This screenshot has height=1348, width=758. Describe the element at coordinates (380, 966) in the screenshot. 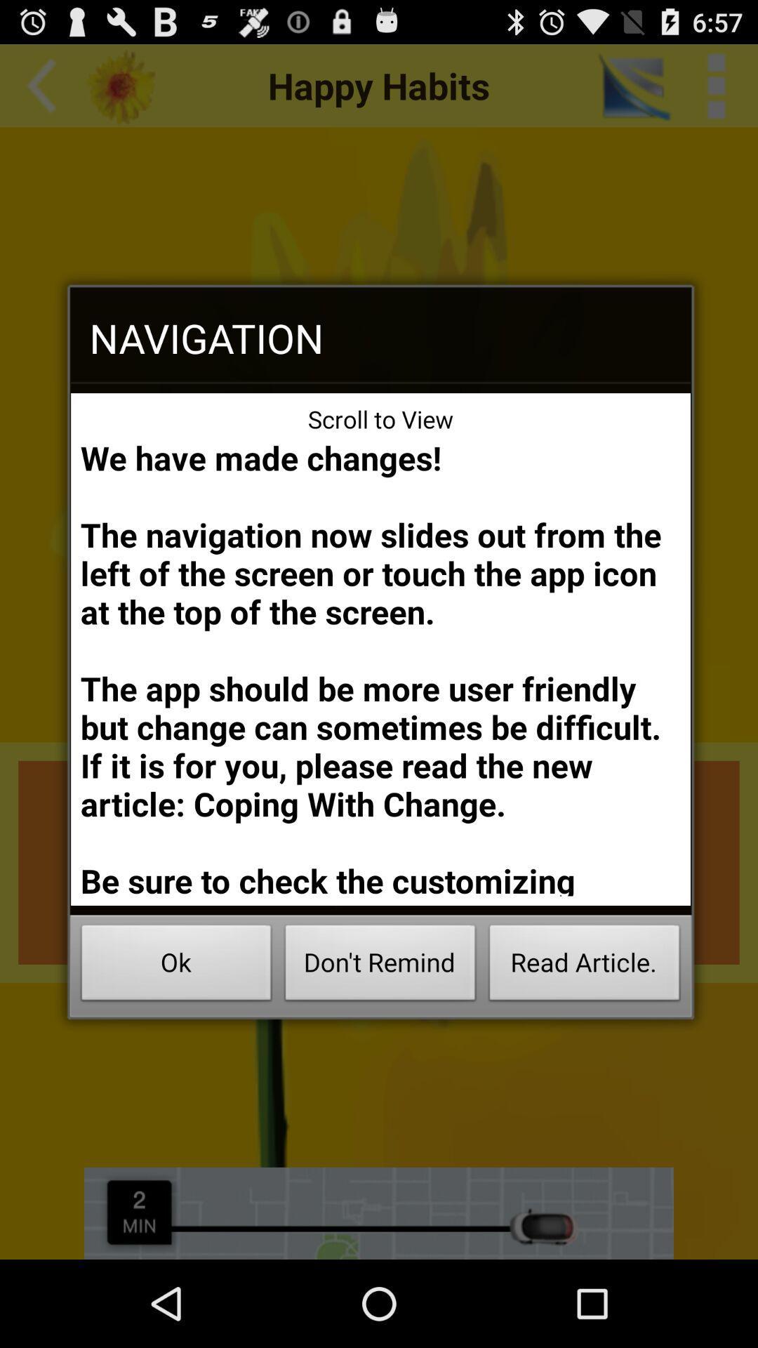

I see `the button next to the ok` at that location.